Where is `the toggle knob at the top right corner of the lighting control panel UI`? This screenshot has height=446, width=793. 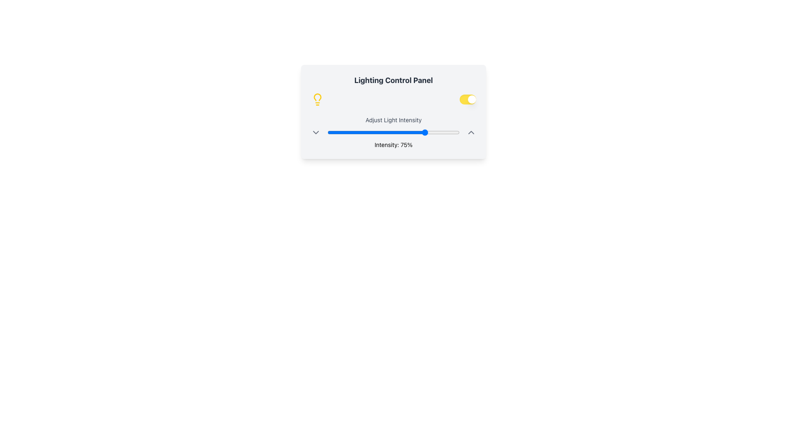
the toggle knob at the top right corner of the lighting control panel UI is located at coordinates (472, 99).